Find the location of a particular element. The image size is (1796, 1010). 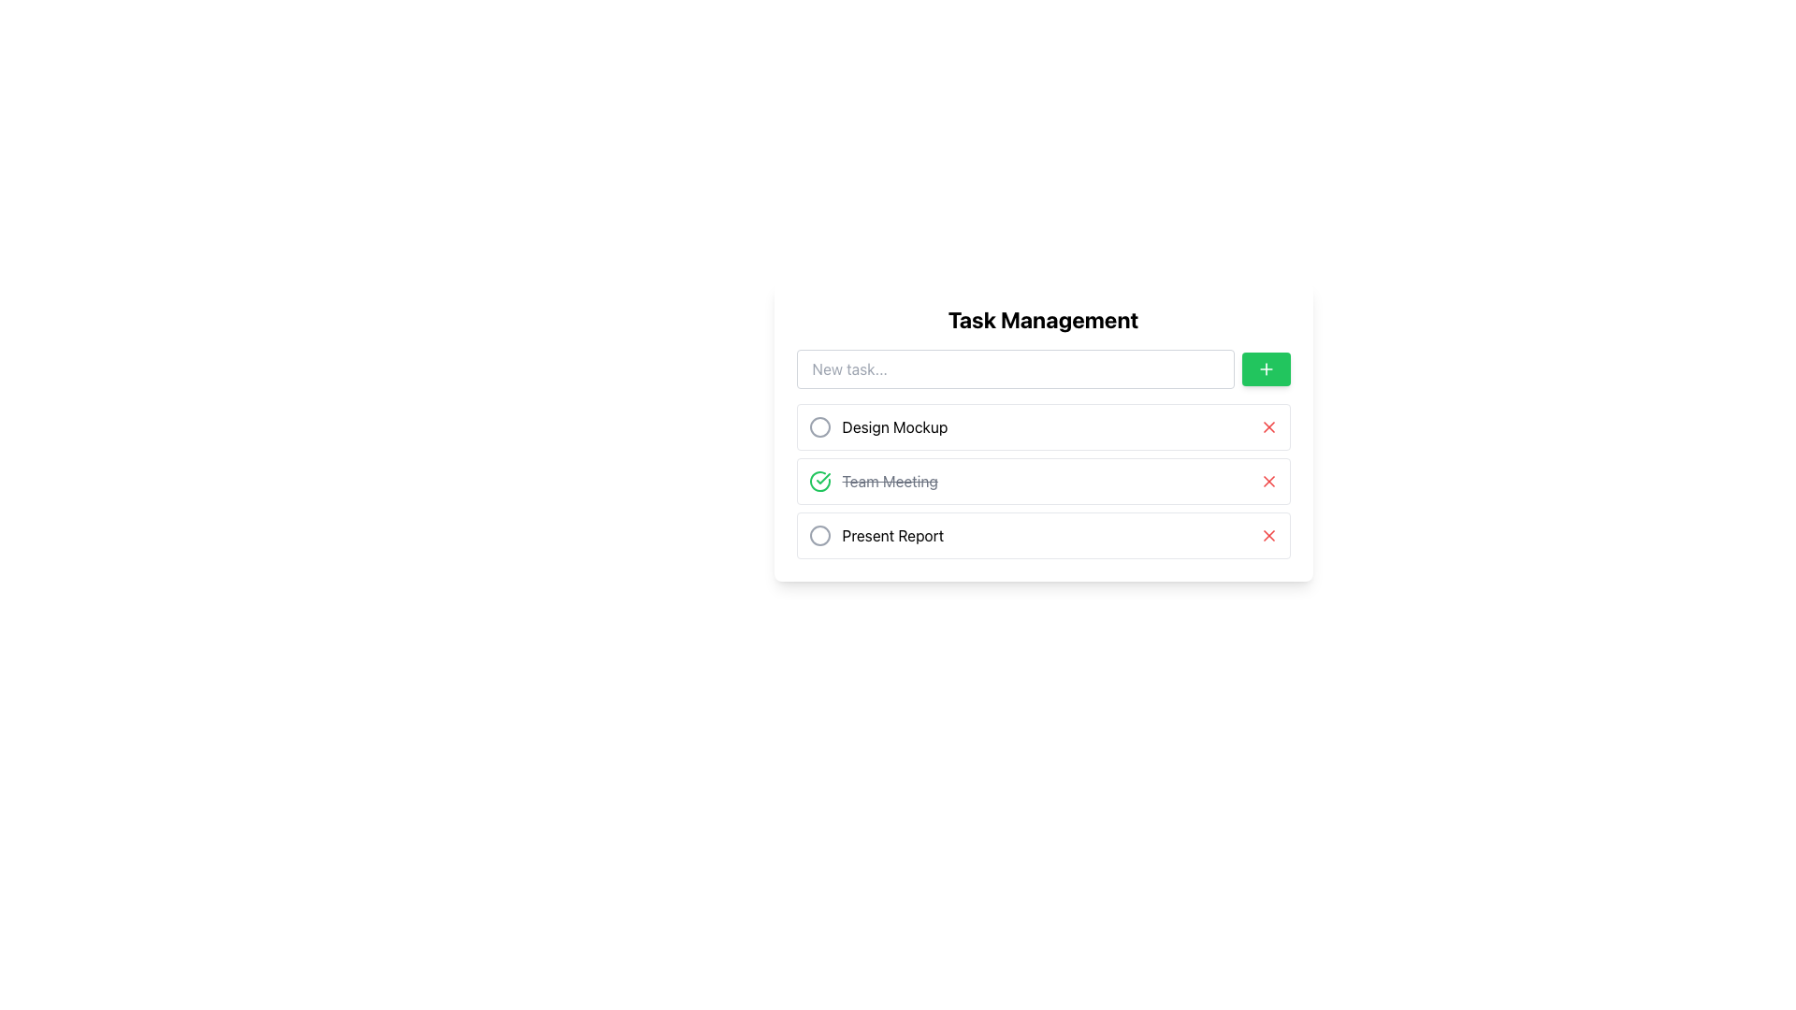

the red 'X' SVG icon representing the delete action located in the top right of the task row for 'Design Mockup' is located at coordinates (1268, 426).